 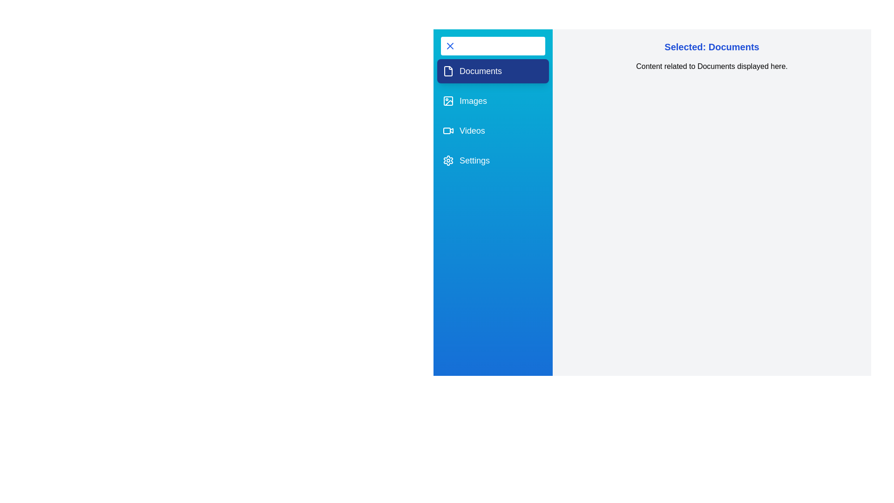 I want to click on the tab Settings from the MultimediaDrawer component, so click(x=493, y=160).